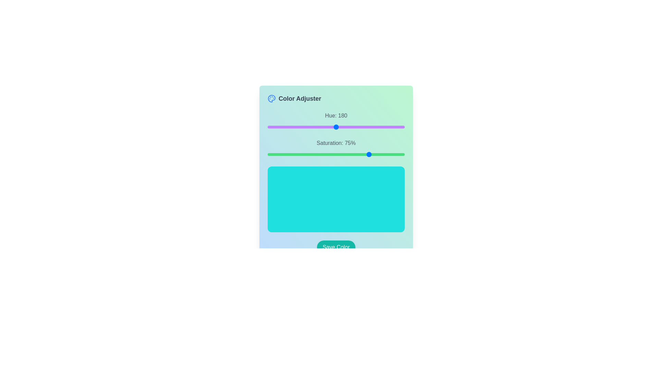  What do you see at coordinates (342, 155) in the screenshot?
I see `saturation` at bounding box center [342, 155].